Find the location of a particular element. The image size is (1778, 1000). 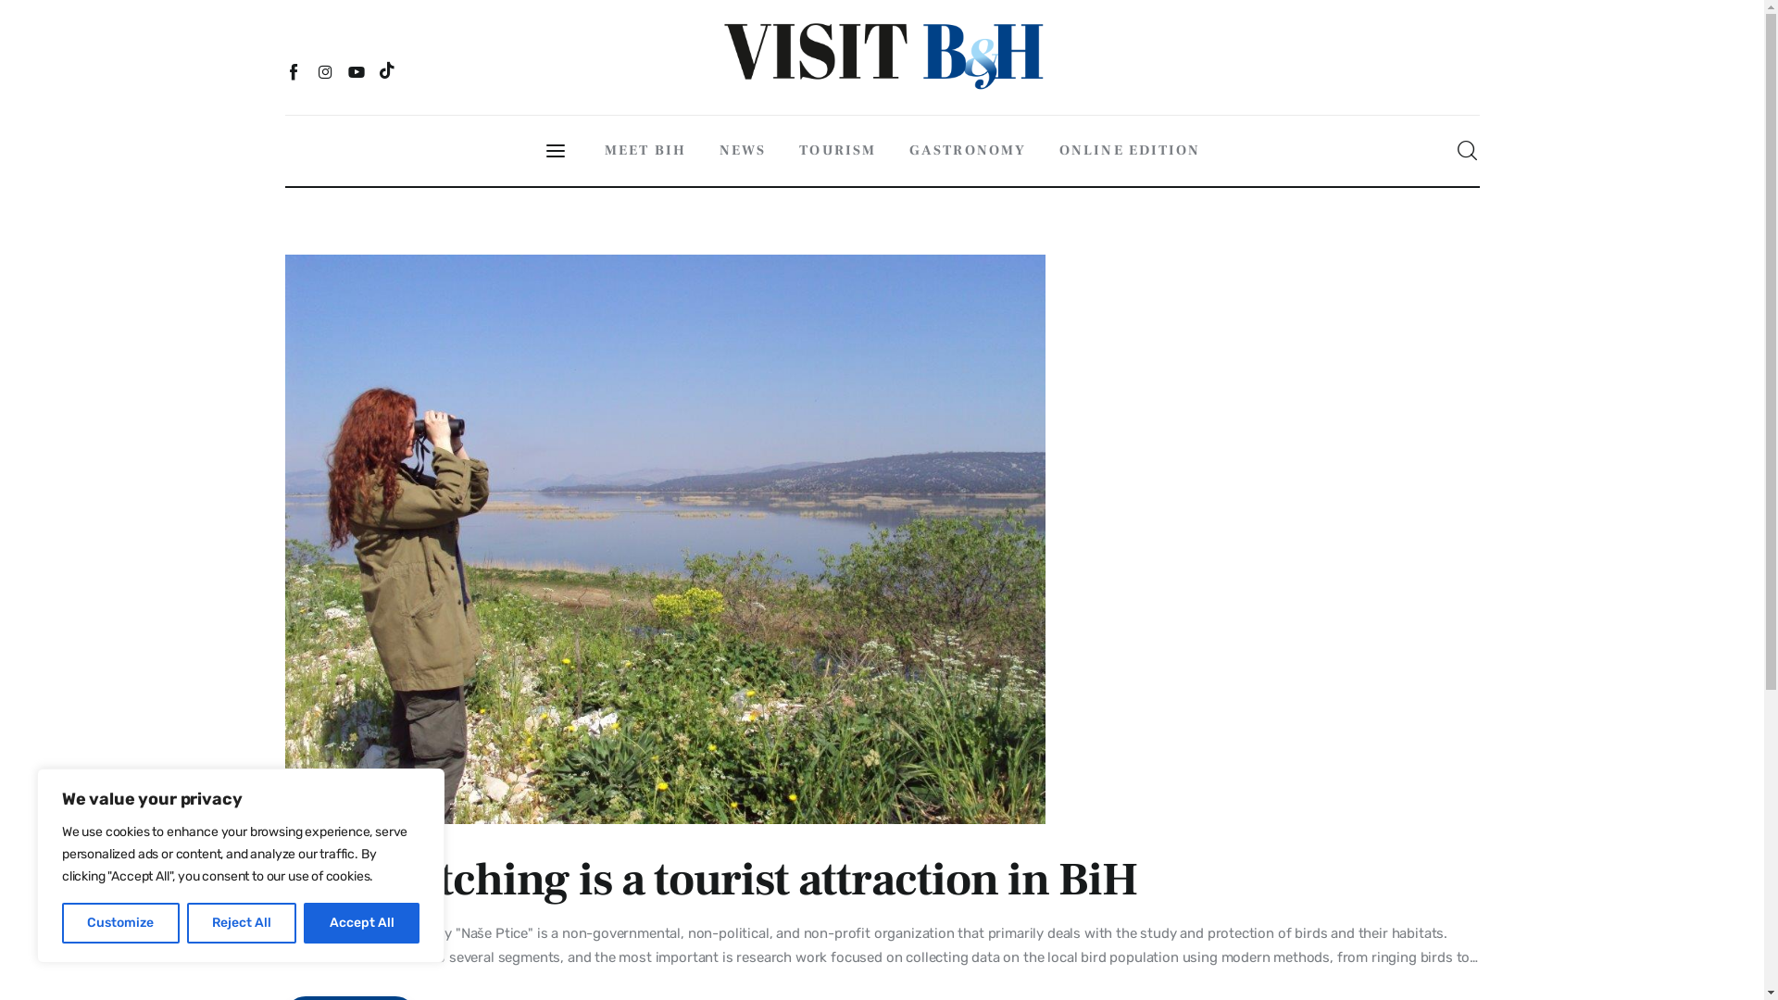

'Customize' is located at coordinates (119, 922).